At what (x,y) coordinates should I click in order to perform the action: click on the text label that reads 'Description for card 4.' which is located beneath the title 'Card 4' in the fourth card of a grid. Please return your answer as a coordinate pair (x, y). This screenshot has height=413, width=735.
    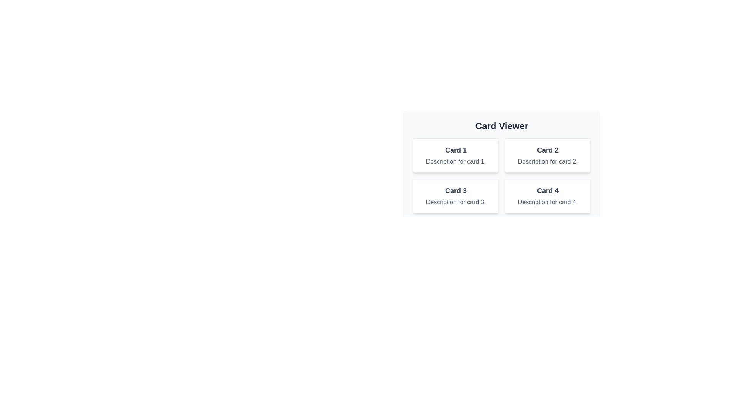
    Looking at the image, I should click on (547, 202).